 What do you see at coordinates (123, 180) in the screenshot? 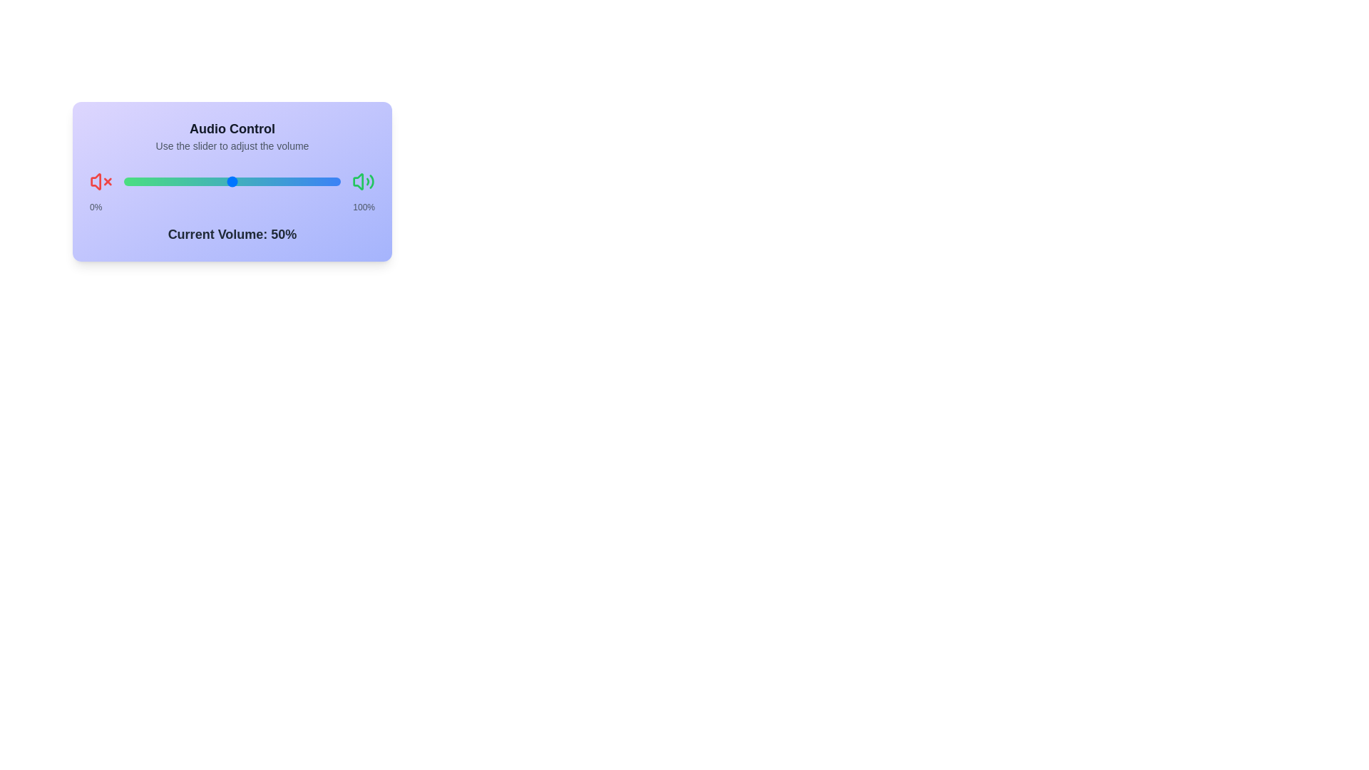
I see `the slider to set the volume to 56%` at bounding box center [123, 180].